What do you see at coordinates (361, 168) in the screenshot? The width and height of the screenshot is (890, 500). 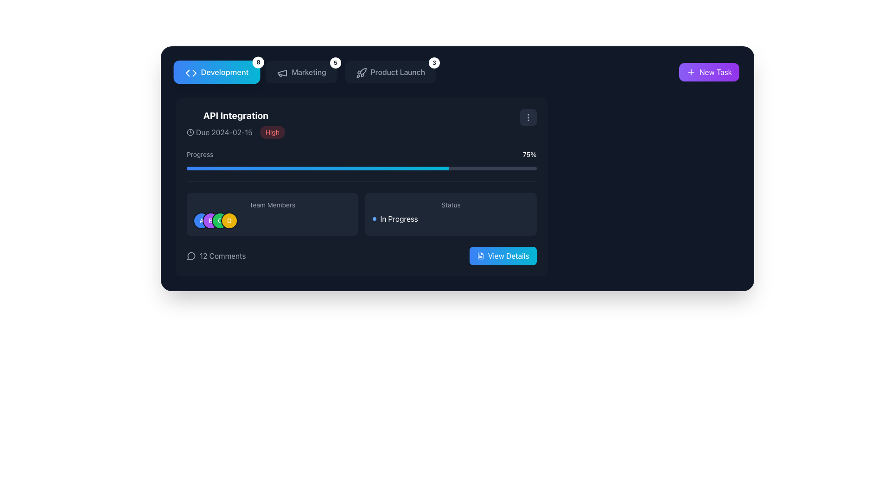 I see `the completion status of the progress bar that visually represents 75% completion, located below the 'Progress' label` at bounding box center [361, 168].